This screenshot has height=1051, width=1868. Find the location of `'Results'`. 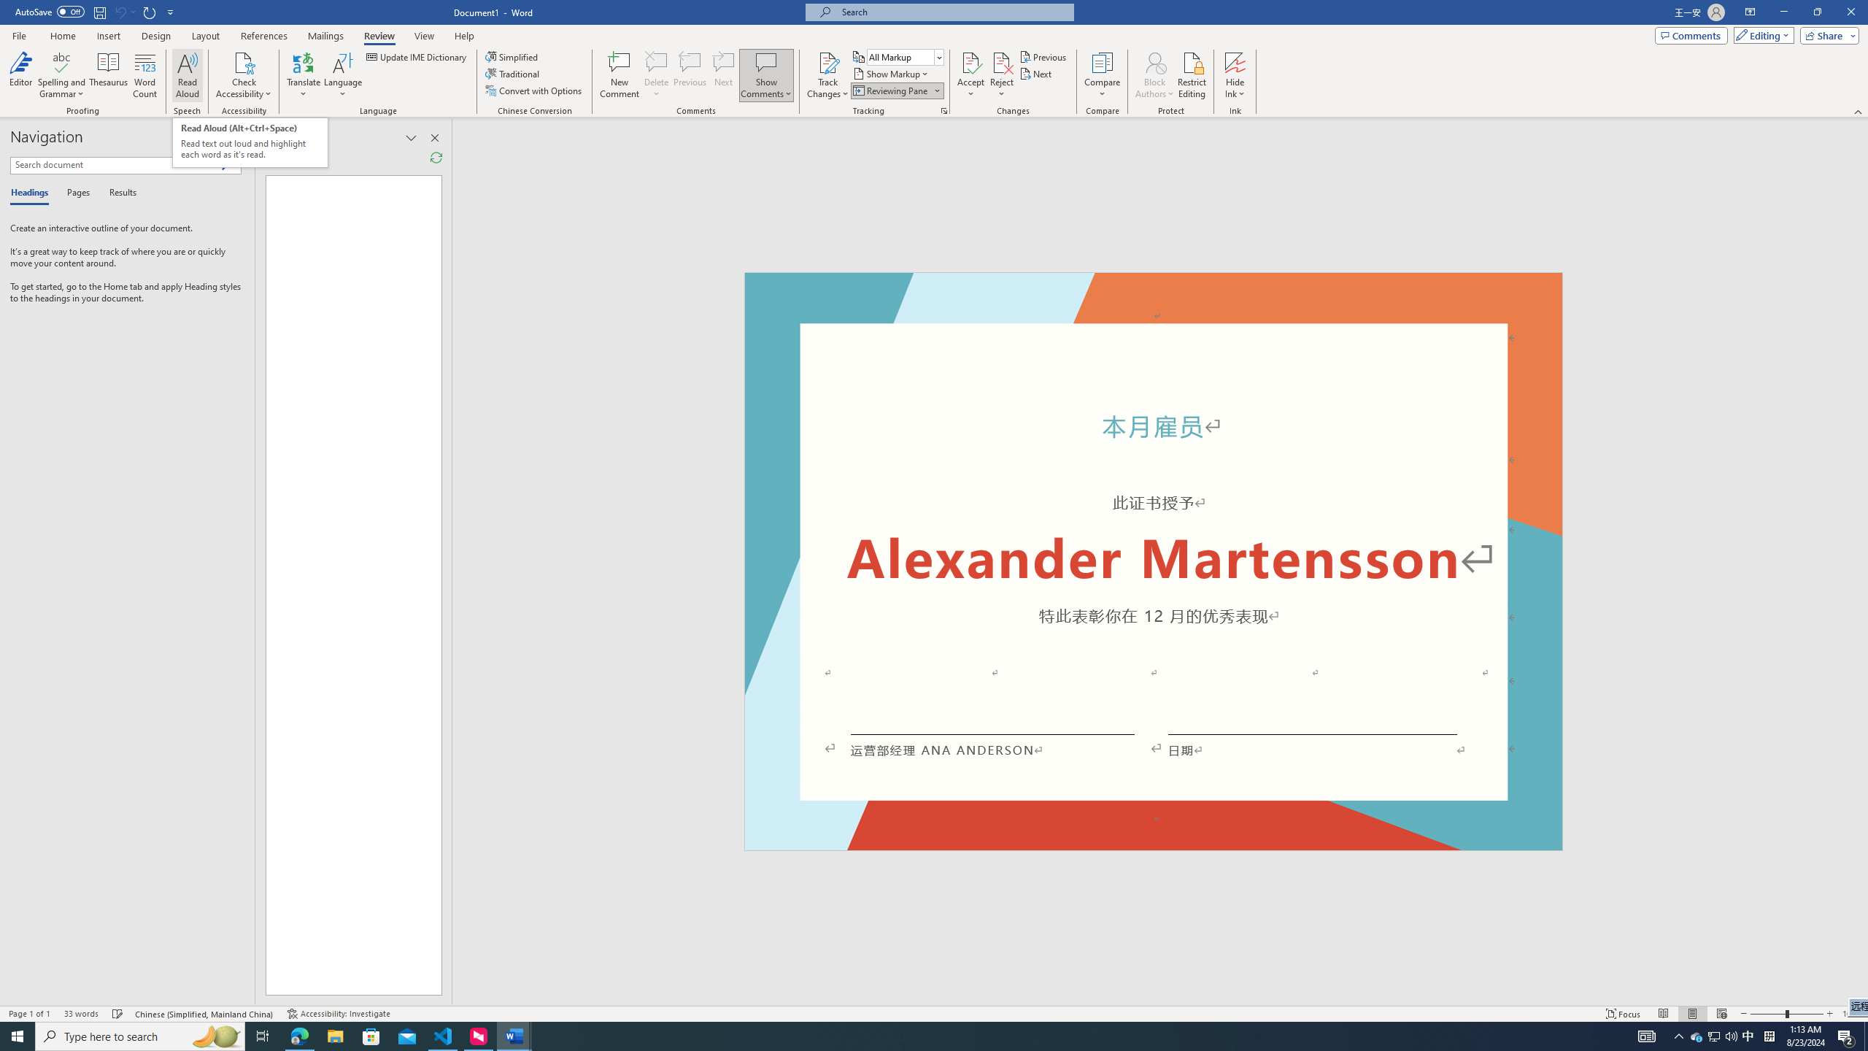

'Results' is located at coordinates (117, 193).